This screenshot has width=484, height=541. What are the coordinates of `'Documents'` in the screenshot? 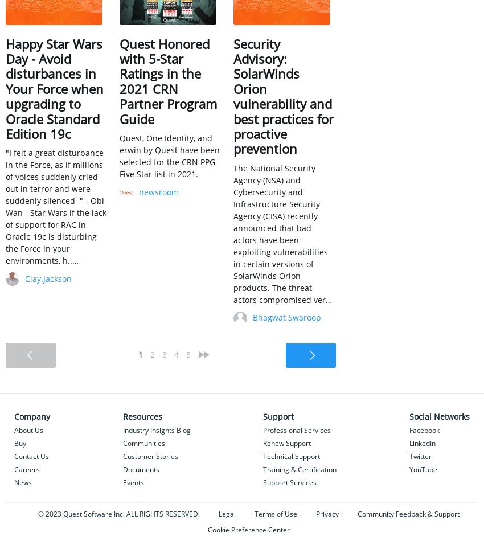 It's located at (122, 468).